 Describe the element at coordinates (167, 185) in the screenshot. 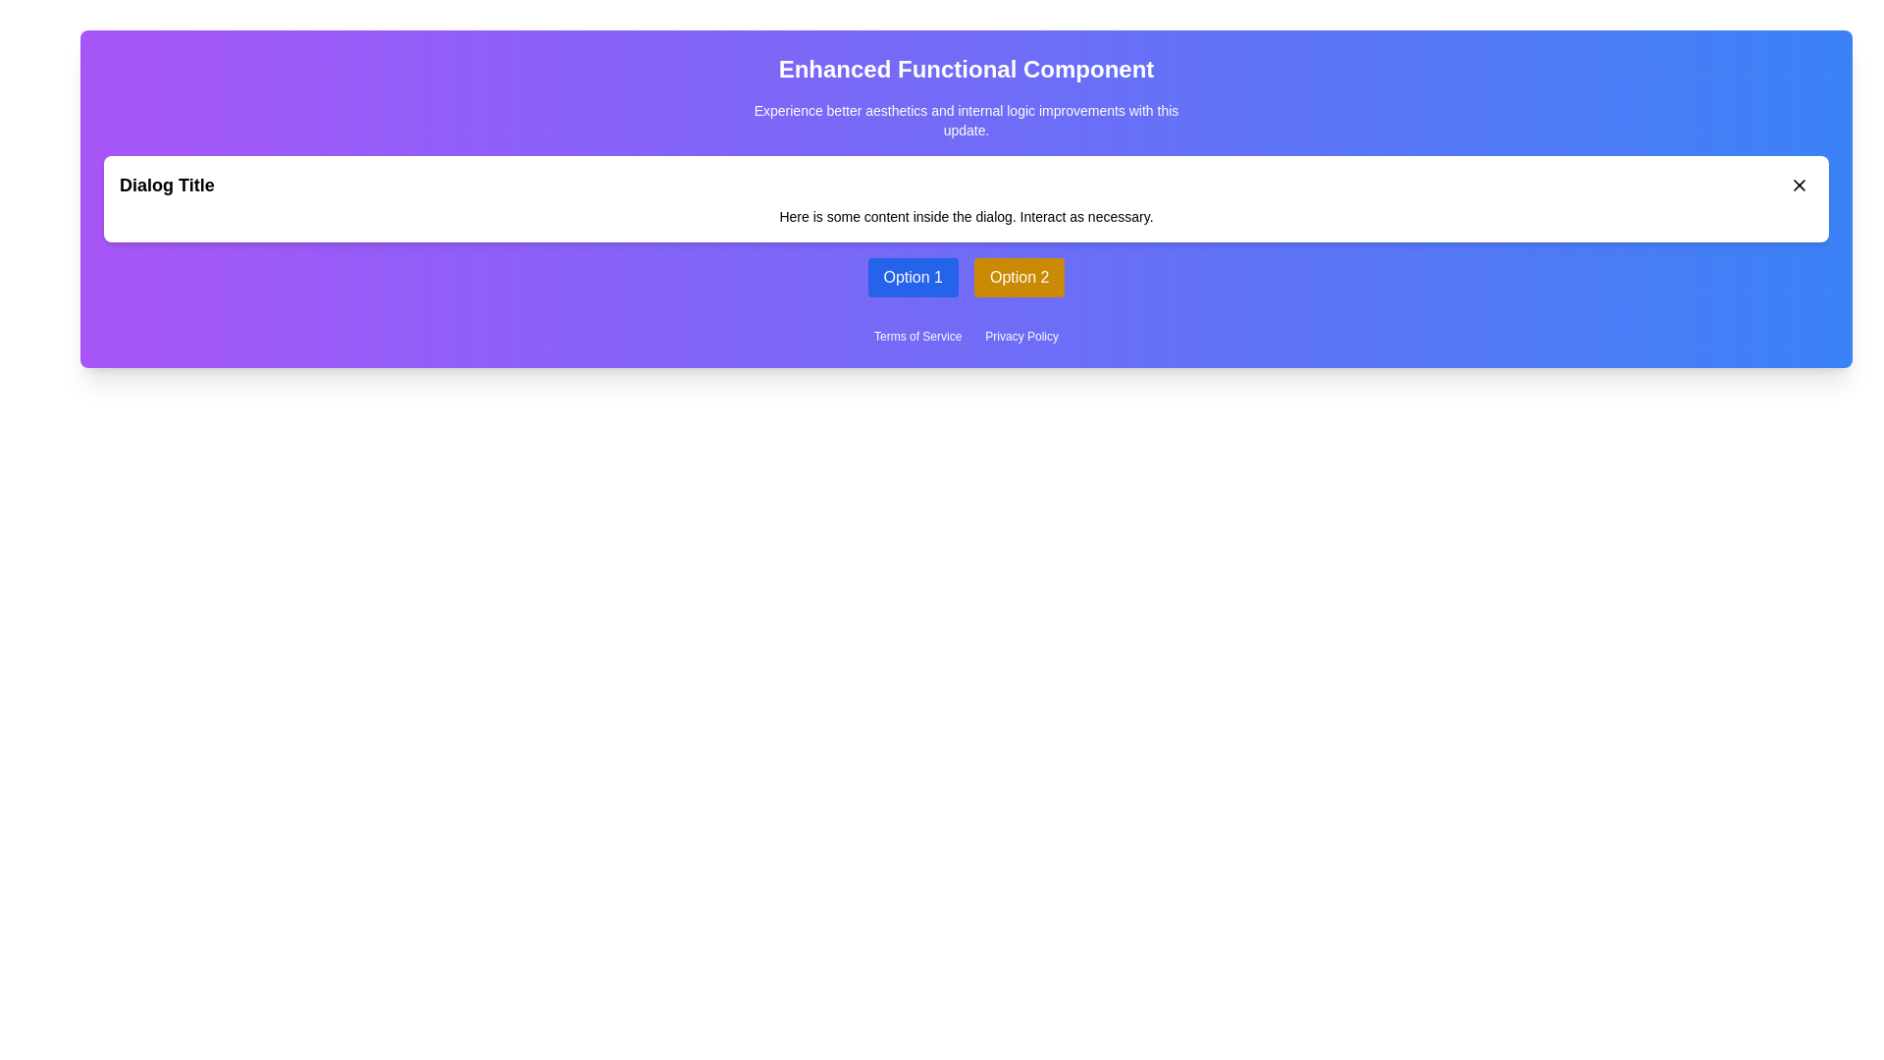

I see `the bold text label displaying 'Dialog Title' located at the top-left corner of the dialog header with a white background` at that location.